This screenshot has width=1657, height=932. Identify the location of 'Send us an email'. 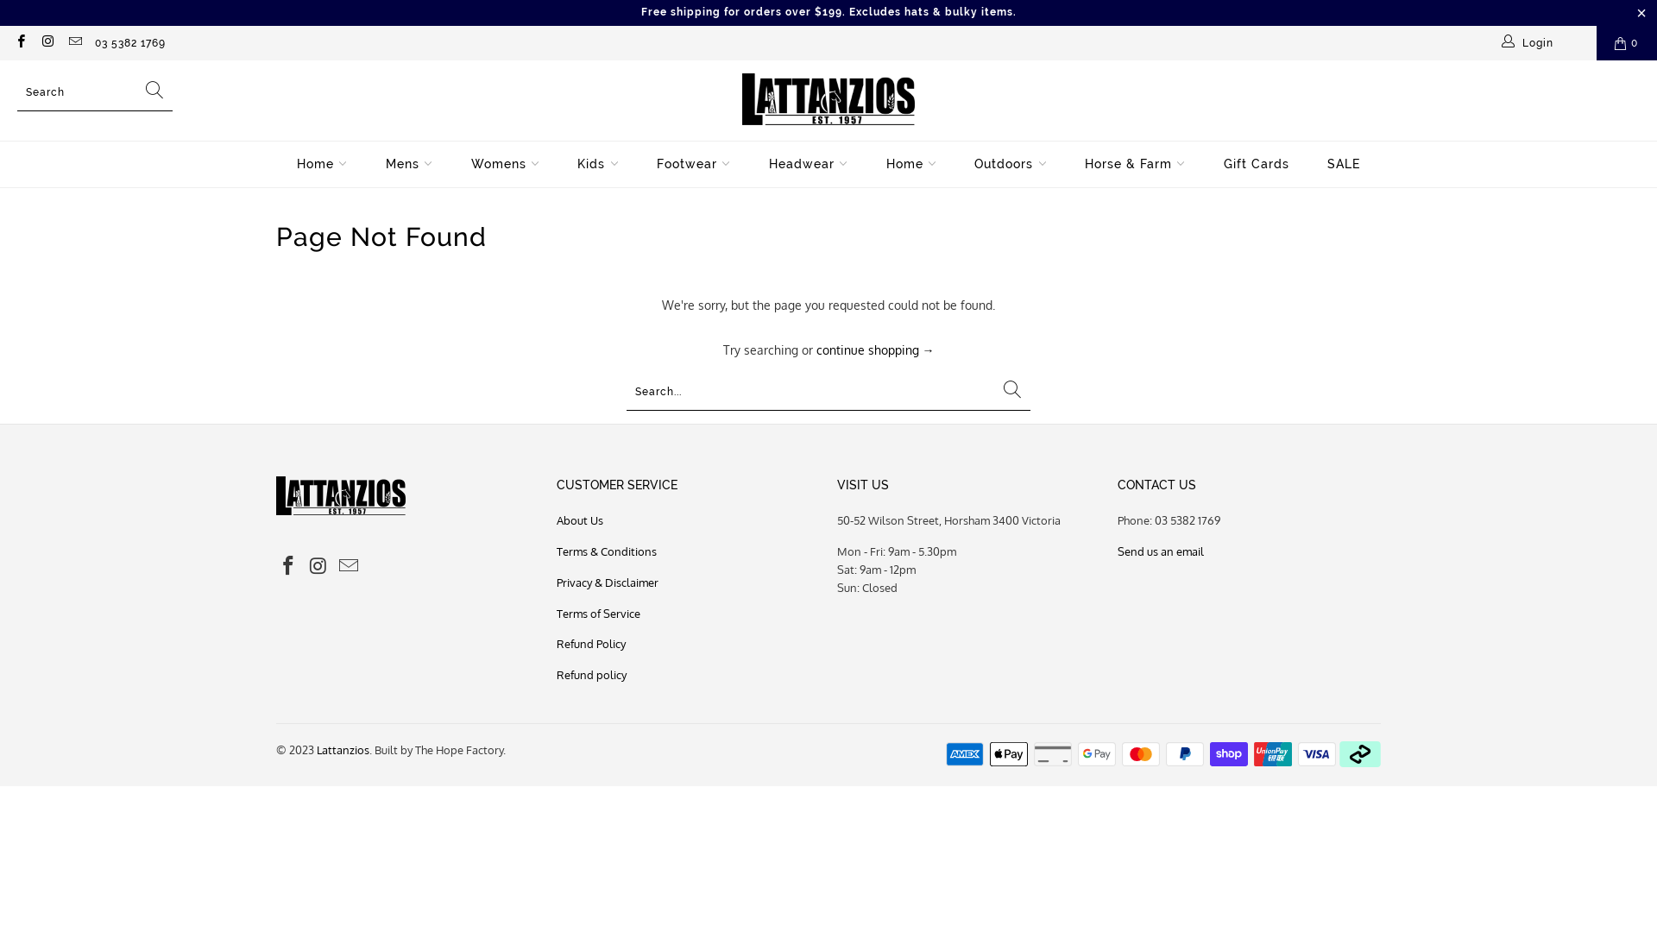
(1118, 551).